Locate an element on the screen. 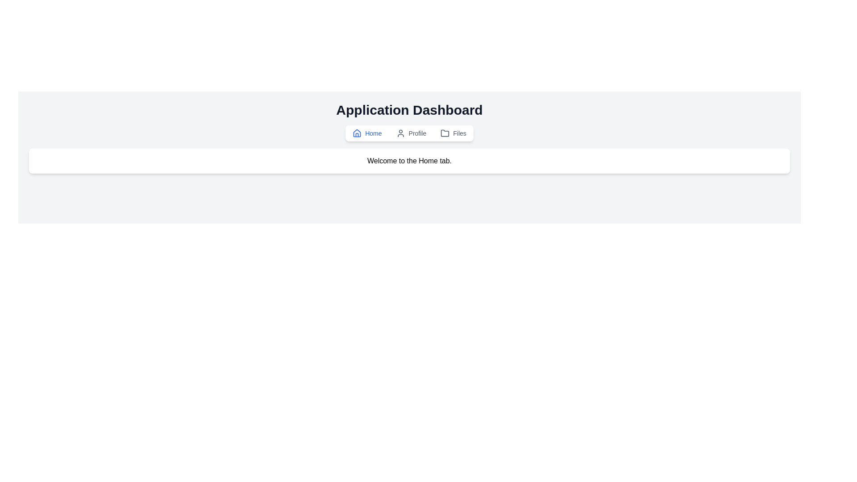 This screenshot has width=857, height=482. the 'Home' navigation button located at the top of the interface, which serves as a link to the main page is located at coordinates (367, 133).